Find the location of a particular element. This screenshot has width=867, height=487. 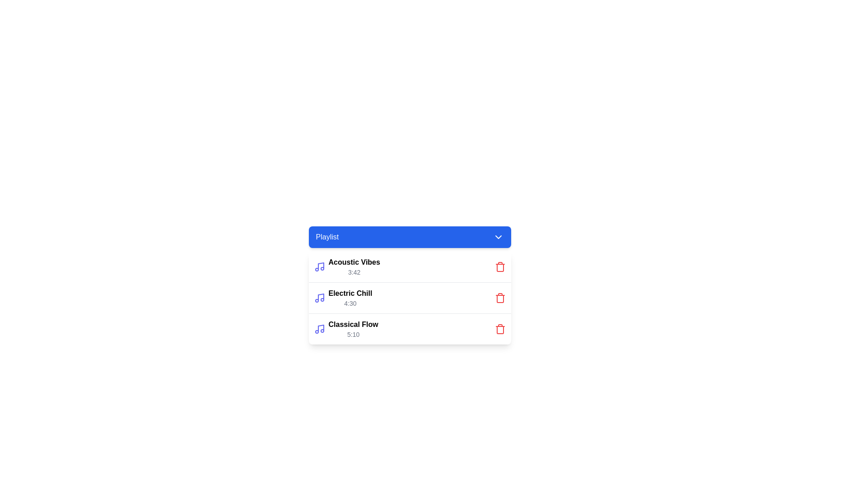

the list item labeled 'Electric Chill' with a musical note icon, positioned between 'Acoustic Vibes' and 'Classical Flow' is located at coordinates (342, 298).